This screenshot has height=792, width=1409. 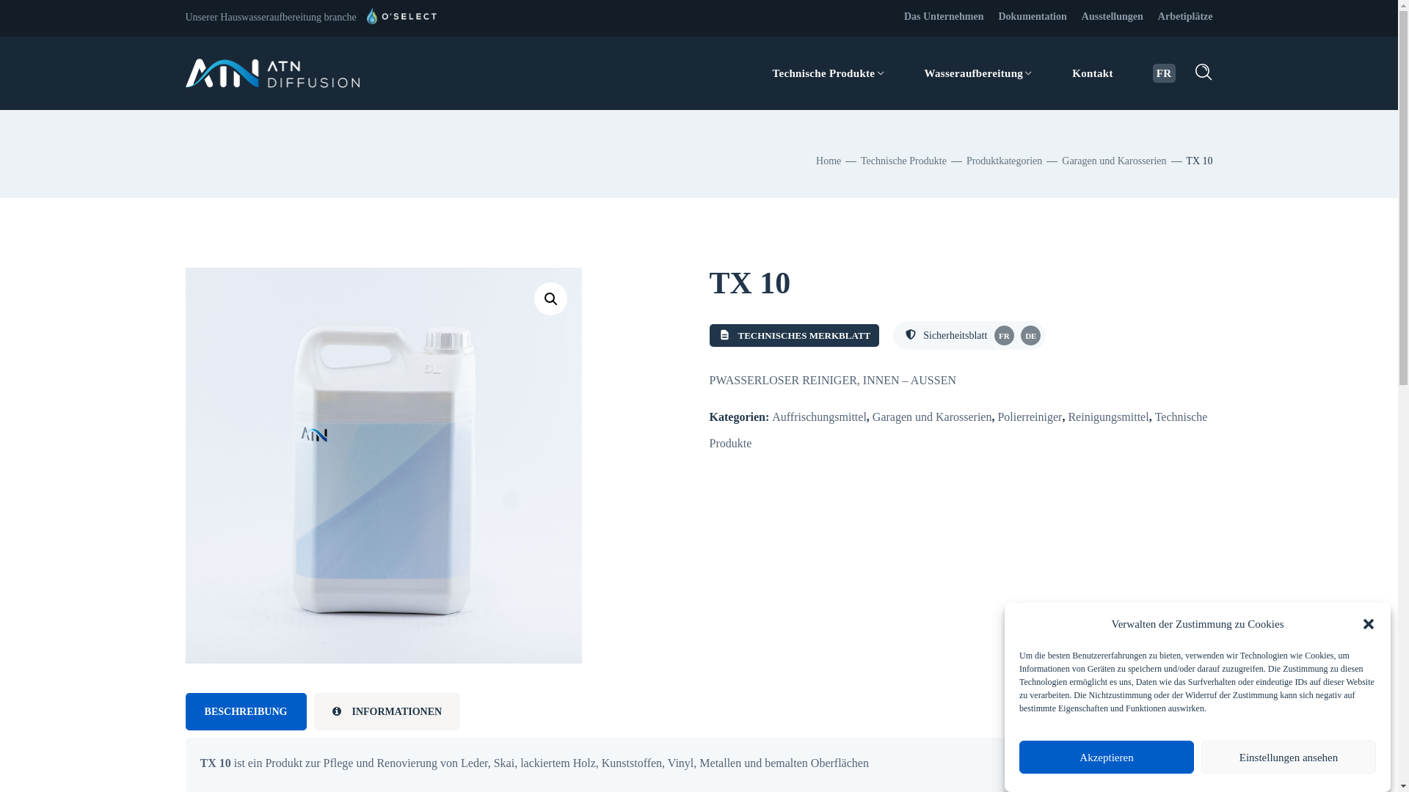 What do you see at coordinates (708, 335) in the screenshot?
I see `'TECHNISCHES MERKBLATT'` at bounding box center [708, 335].